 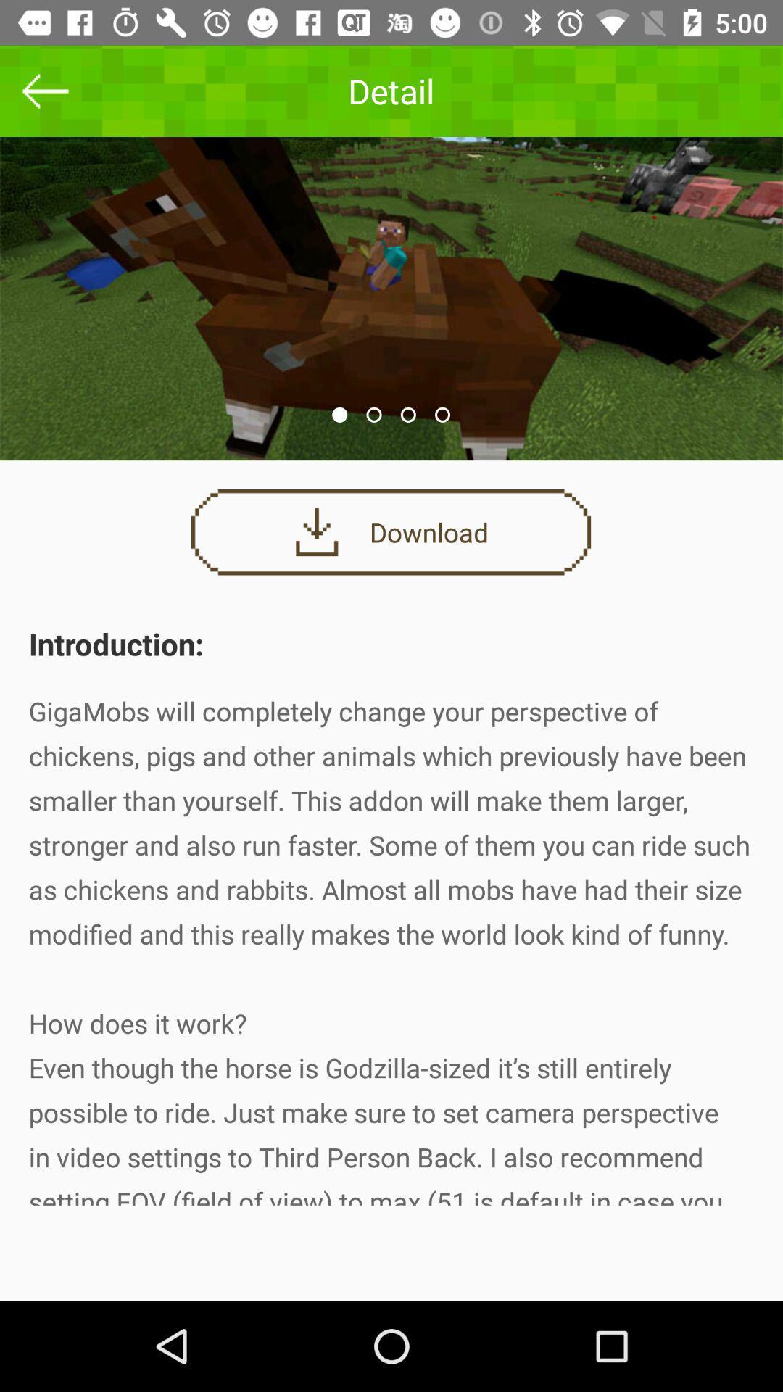 What do you see at coordinates (44, 90) in the screenshot?
I see `previous` at bounding box center [44, 90].